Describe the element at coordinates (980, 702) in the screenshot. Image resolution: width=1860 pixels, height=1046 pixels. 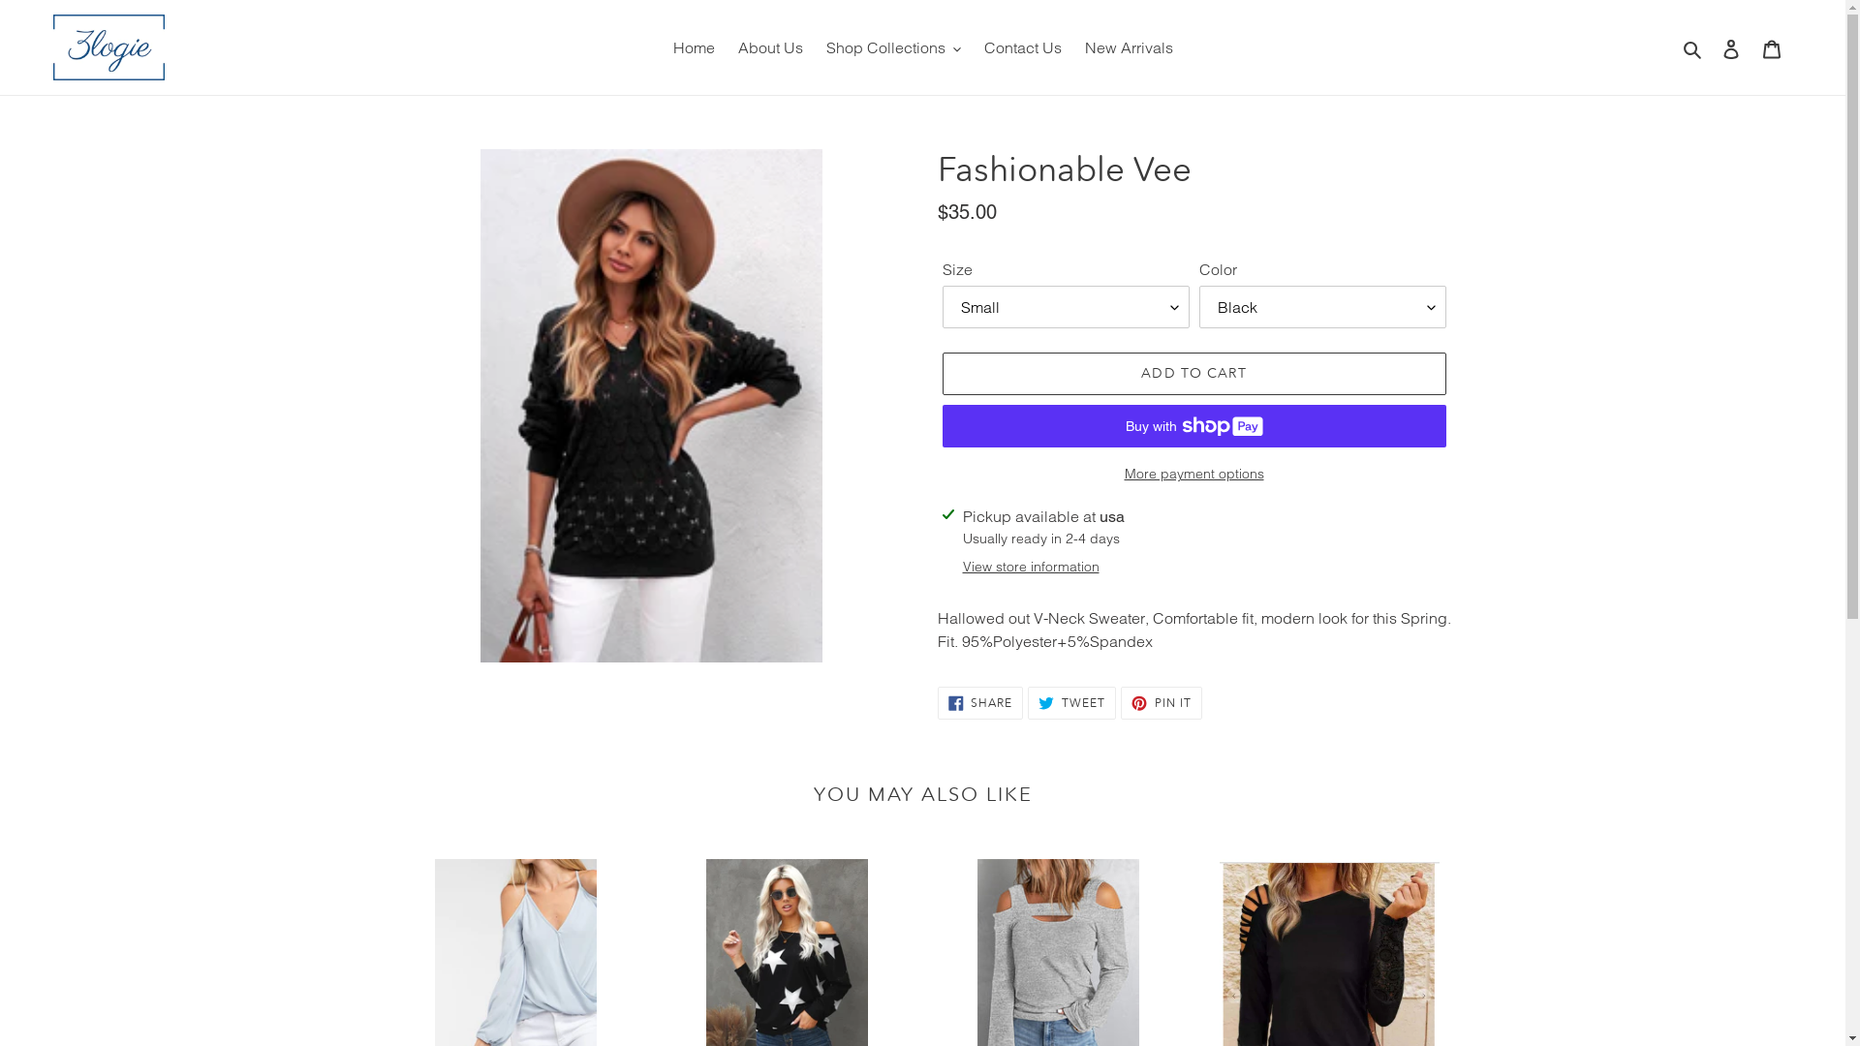
I see `'SHARE` at that location.